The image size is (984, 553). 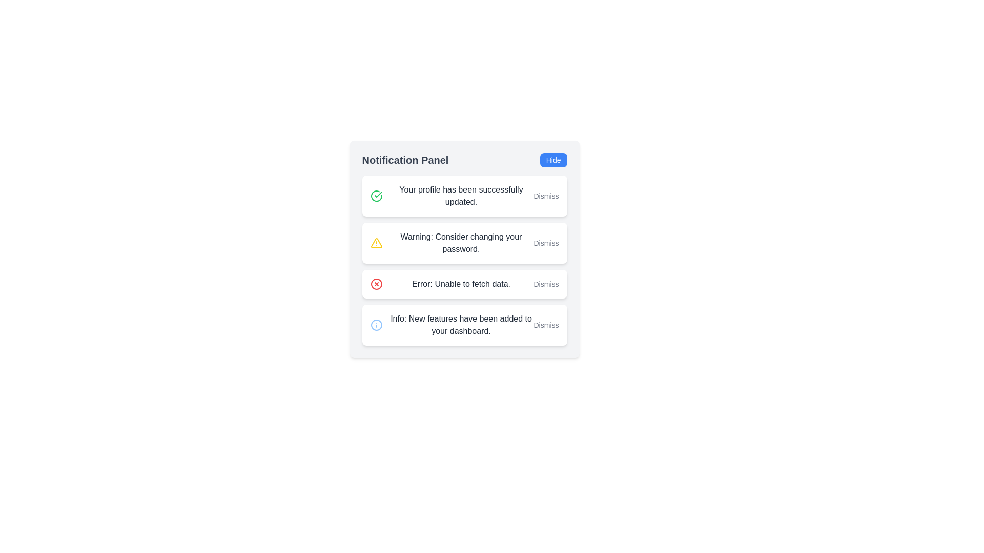 I want to click on the 'Dismiss' button in gray font, so click(x=545, y=243).